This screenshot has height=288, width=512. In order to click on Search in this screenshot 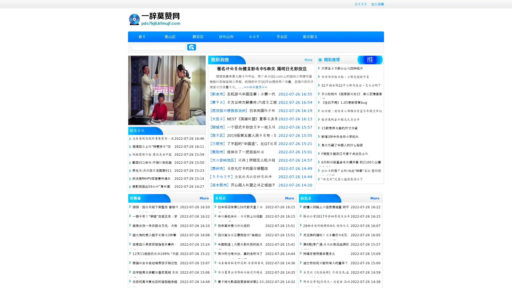, I will do `click(191, 47)`.